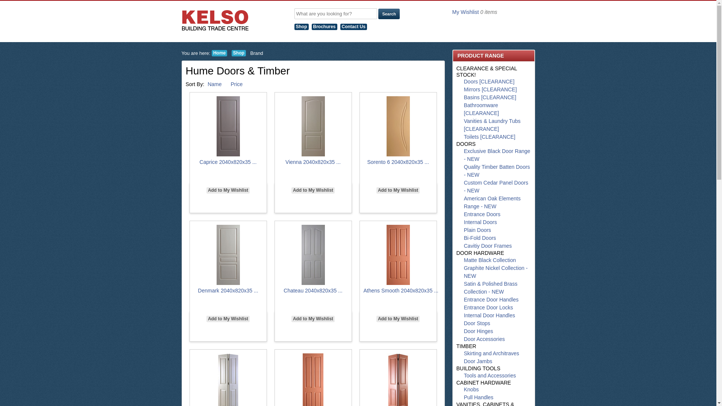  Describe the element at coordinates (303, 26) in the screenshot. I see `'Shop'` at that location.